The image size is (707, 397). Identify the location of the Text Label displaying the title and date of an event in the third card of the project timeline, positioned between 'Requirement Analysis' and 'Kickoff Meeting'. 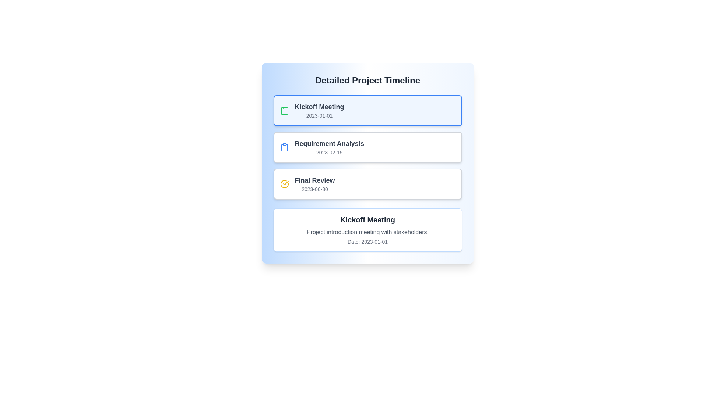
(314, 184).